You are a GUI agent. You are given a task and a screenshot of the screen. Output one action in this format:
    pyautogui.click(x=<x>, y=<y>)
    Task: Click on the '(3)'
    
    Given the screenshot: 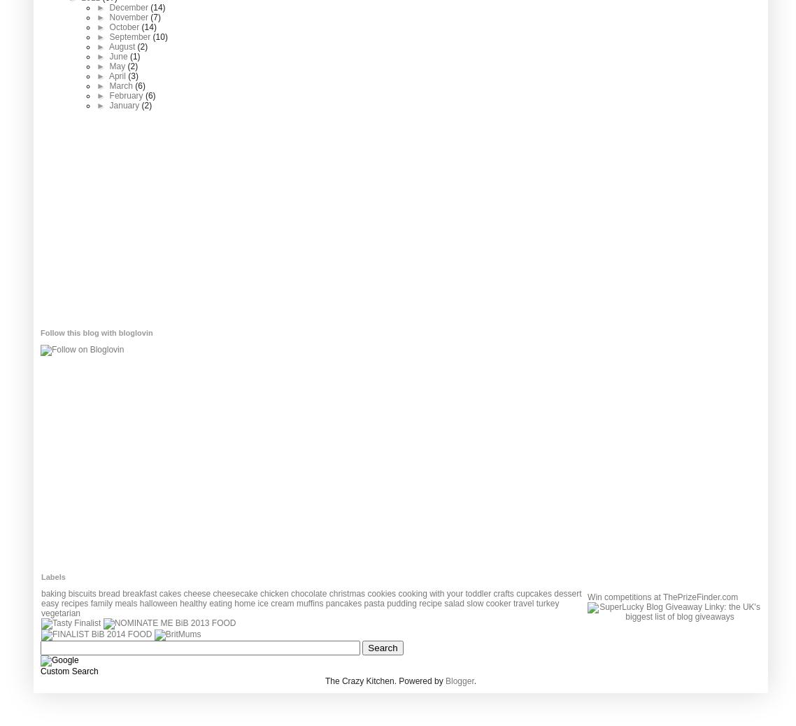 What is the action you would take?
    pyautogui.click(x=127, y=75)
    